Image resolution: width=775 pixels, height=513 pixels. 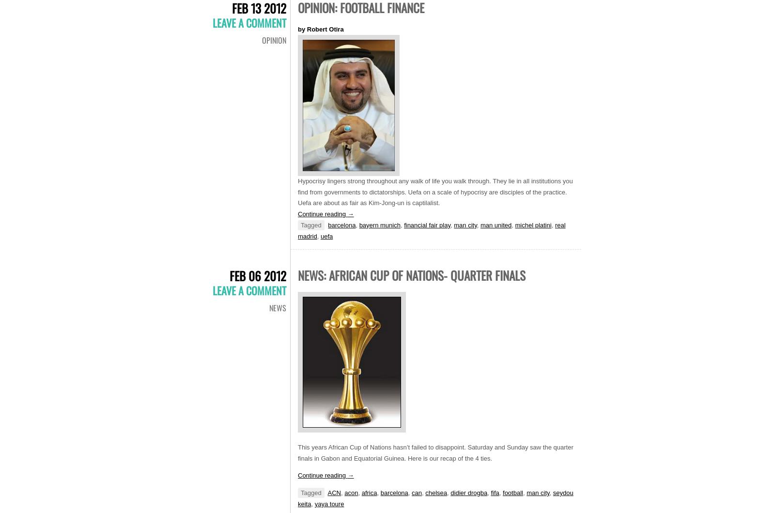 I want to click on 'acon', so click(x=351, y=492).